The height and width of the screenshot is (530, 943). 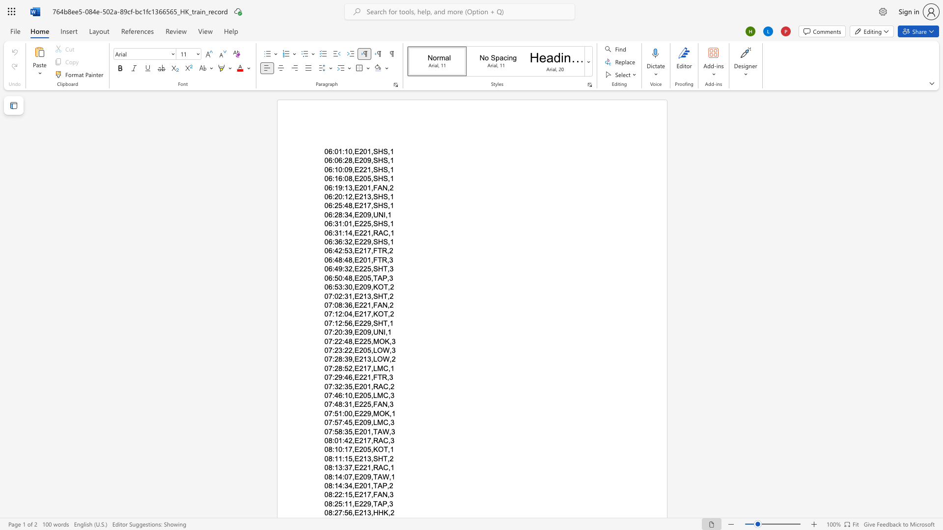 I want to click on the subset text ":2" within the text "07:23:22,E205,LOW,3", so click(x=332, y=349).